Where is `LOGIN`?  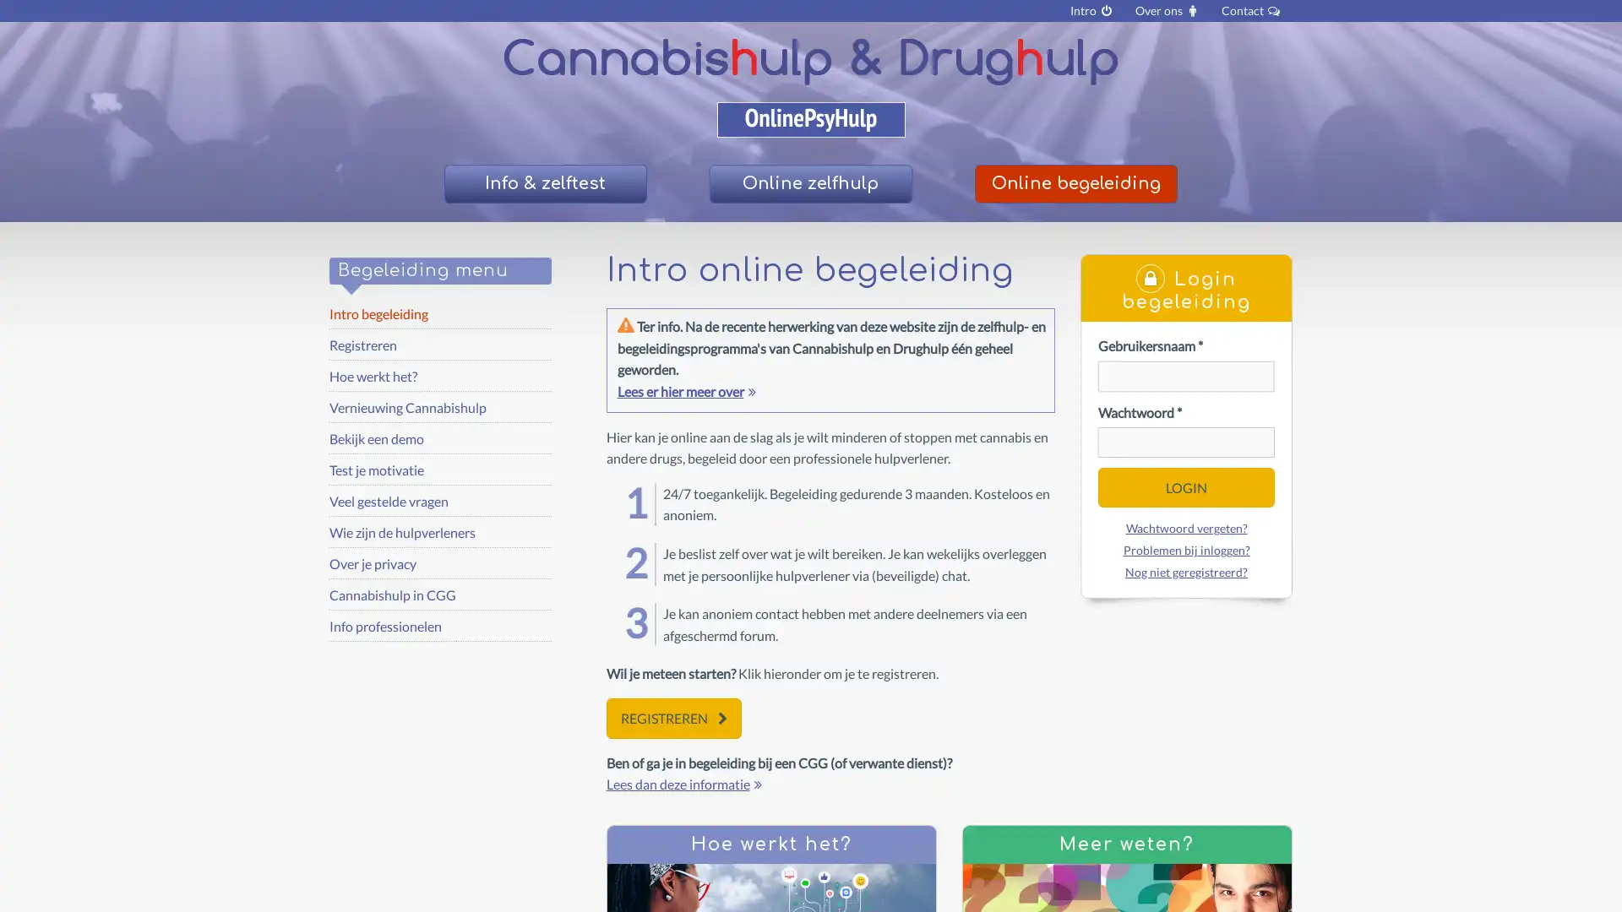
LOGIN is located at coordinates (1184, 487).